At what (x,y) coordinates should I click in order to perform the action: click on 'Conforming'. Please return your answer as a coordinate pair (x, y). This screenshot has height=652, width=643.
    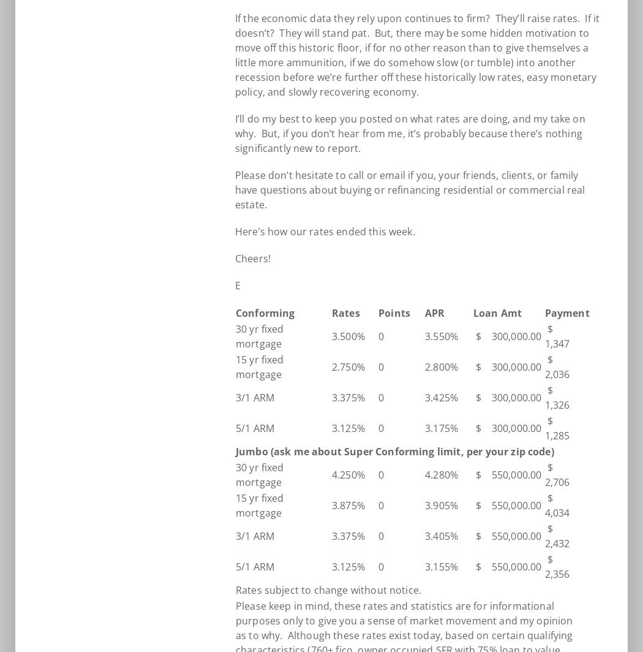
    Looking at the image, I should click on (264, 313).